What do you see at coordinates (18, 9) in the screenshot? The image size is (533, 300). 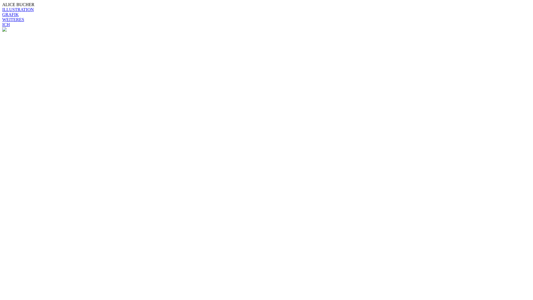 I see `'ILLUSTRATION'` at bounding box center [18, 9].